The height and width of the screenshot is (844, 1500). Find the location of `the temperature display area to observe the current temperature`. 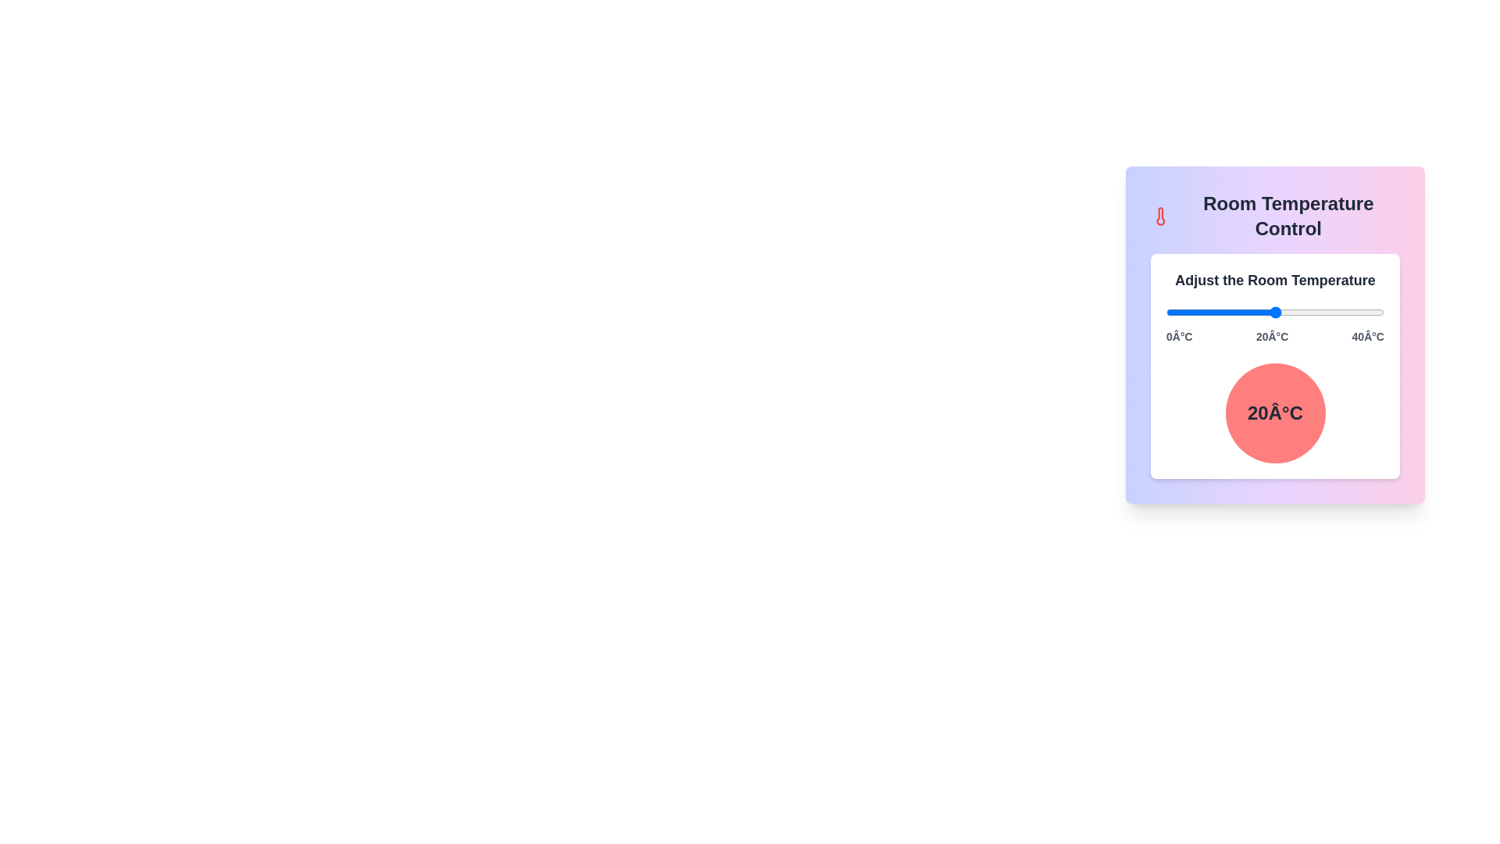

the temperature display area to observe the current temperature is located at coordinates (1275, 412).